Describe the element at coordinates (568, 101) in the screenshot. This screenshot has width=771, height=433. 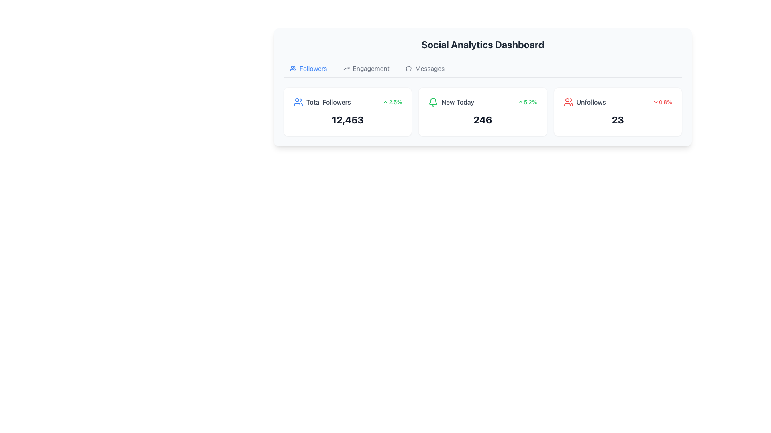
I see `the unfollow icon located in the 'Unfollows' card on the dashboard, positioned to the left of the 'Unfollows' text label` at that location.